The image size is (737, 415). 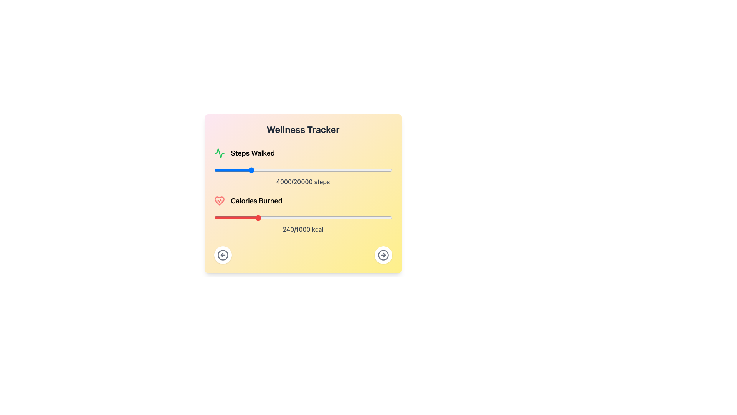 I want to click on the calories burned slider, so click(x=235, y=218).